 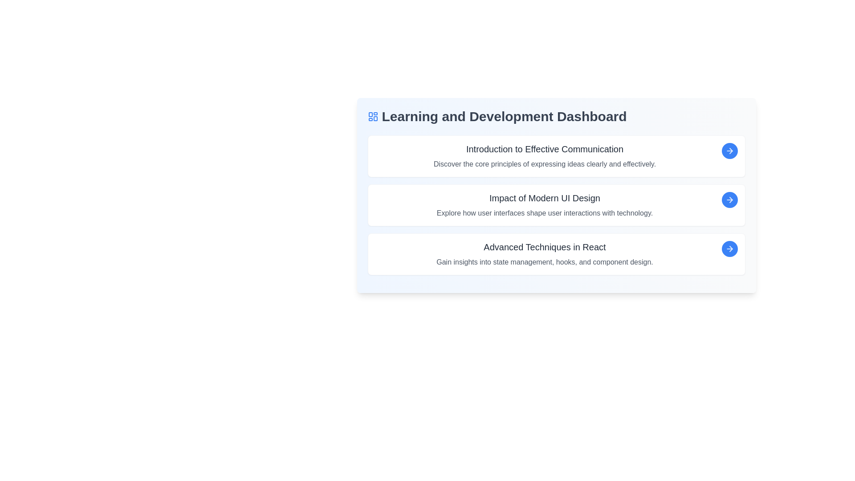 I want to click on the arrow icon used for navigation located on the right side of the third list item, 'Advanced Techniques in React', so click(x=731, y=249).